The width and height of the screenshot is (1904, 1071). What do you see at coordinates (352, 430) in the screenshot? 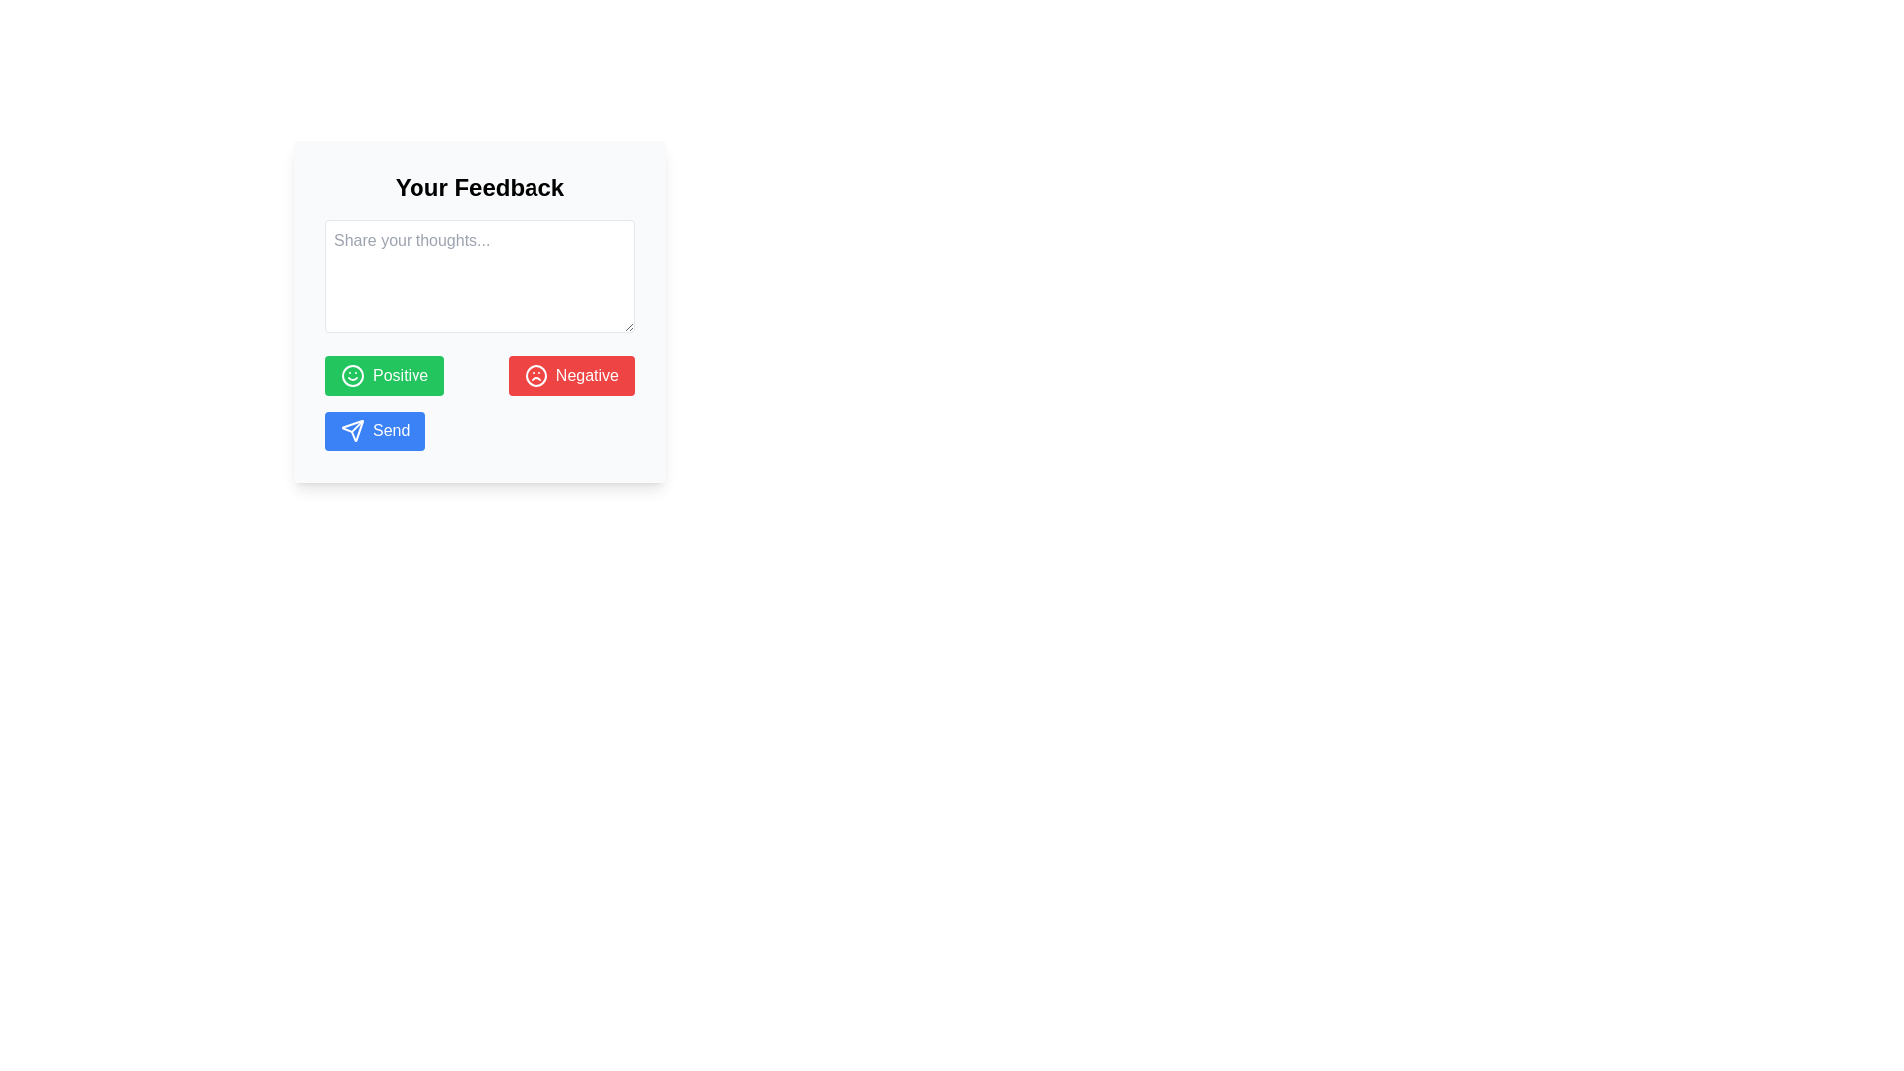
I see `the paper plane icon located to the left of the 'Send' text in the Send button` at bounding box center [352, 430].